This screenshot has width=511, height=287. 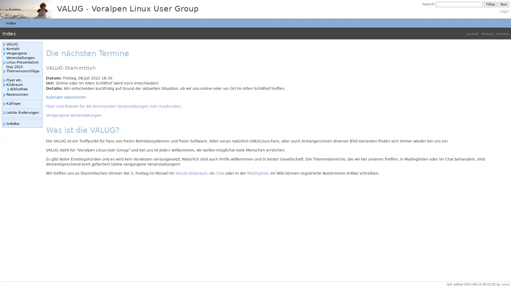 What do you see at coordinates (490, 4) in the screenshot?
I see `Titles` at bounding box center [490, 4].